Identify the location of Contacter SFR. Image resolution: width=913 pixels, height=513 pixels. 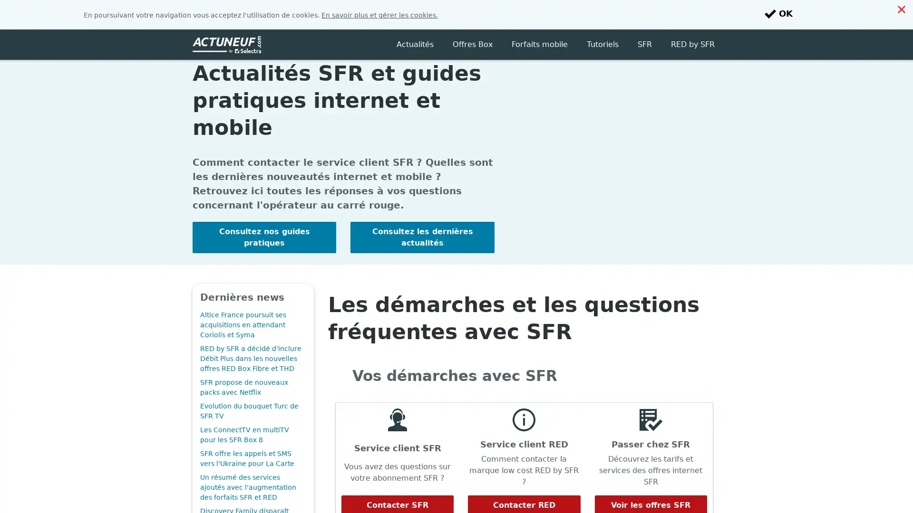
(397, 476).